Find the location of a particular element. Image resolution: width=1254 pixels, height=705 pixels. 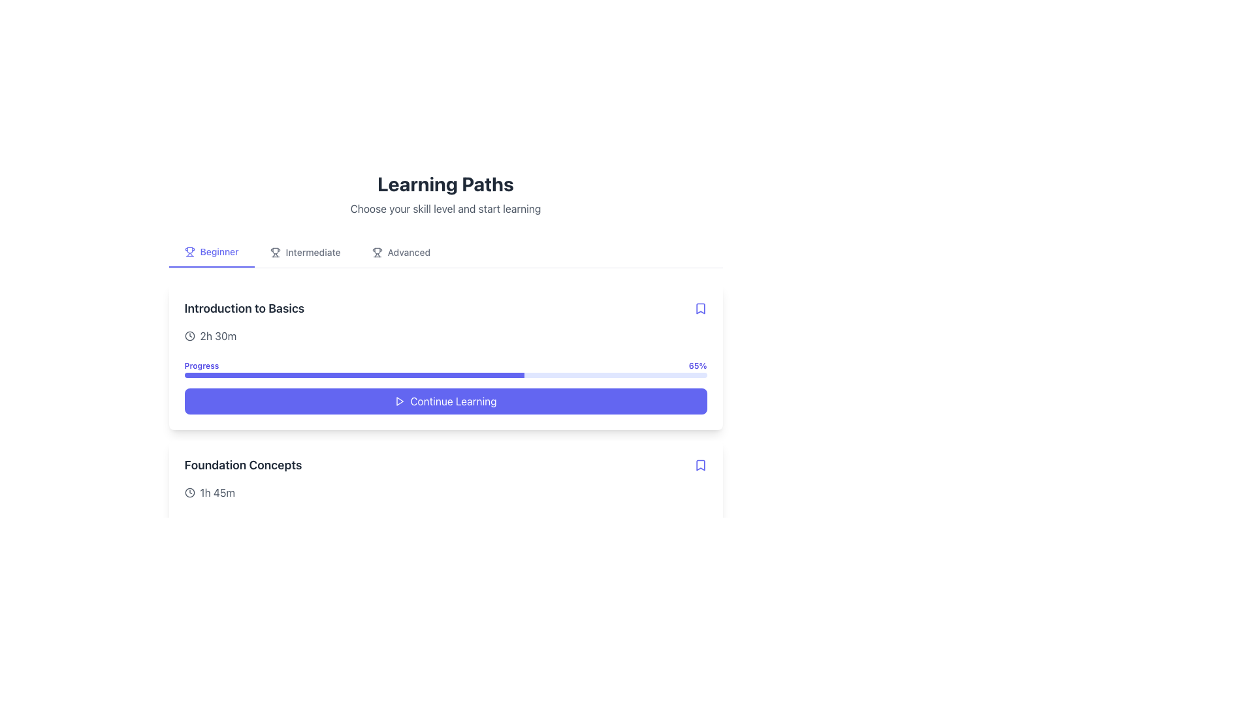

the circular graphical component of the clock icon located to the left of the '1h 45m' text in the Foundation Concepts section is located at coordinates (189, 493).